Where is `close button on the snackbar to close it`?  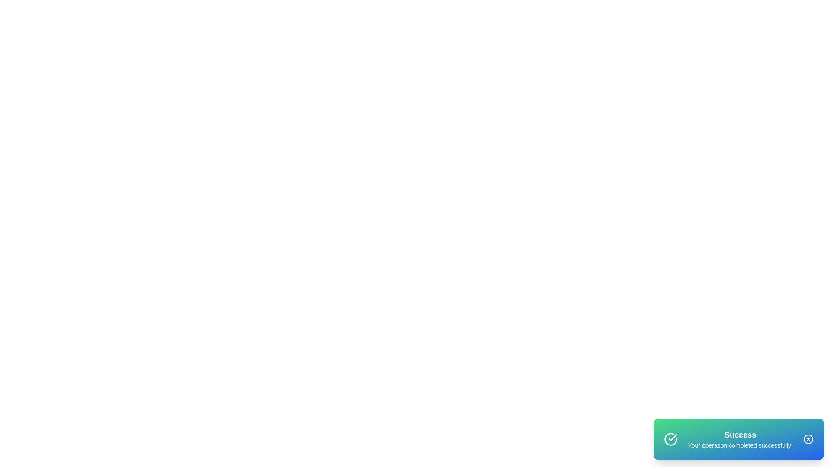 close button on the snackbar to close it is located at coordinates (808, 439).